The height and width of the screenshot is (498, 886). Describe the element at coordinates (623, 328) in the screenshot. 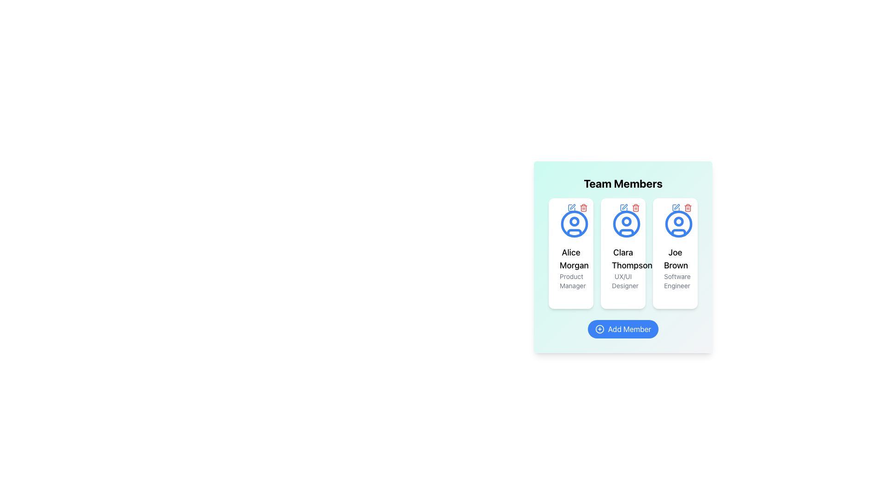

I see `the rounded blue 'Add Member' button with white text located at the bottom center of the 'Team Members' panel` at that location.